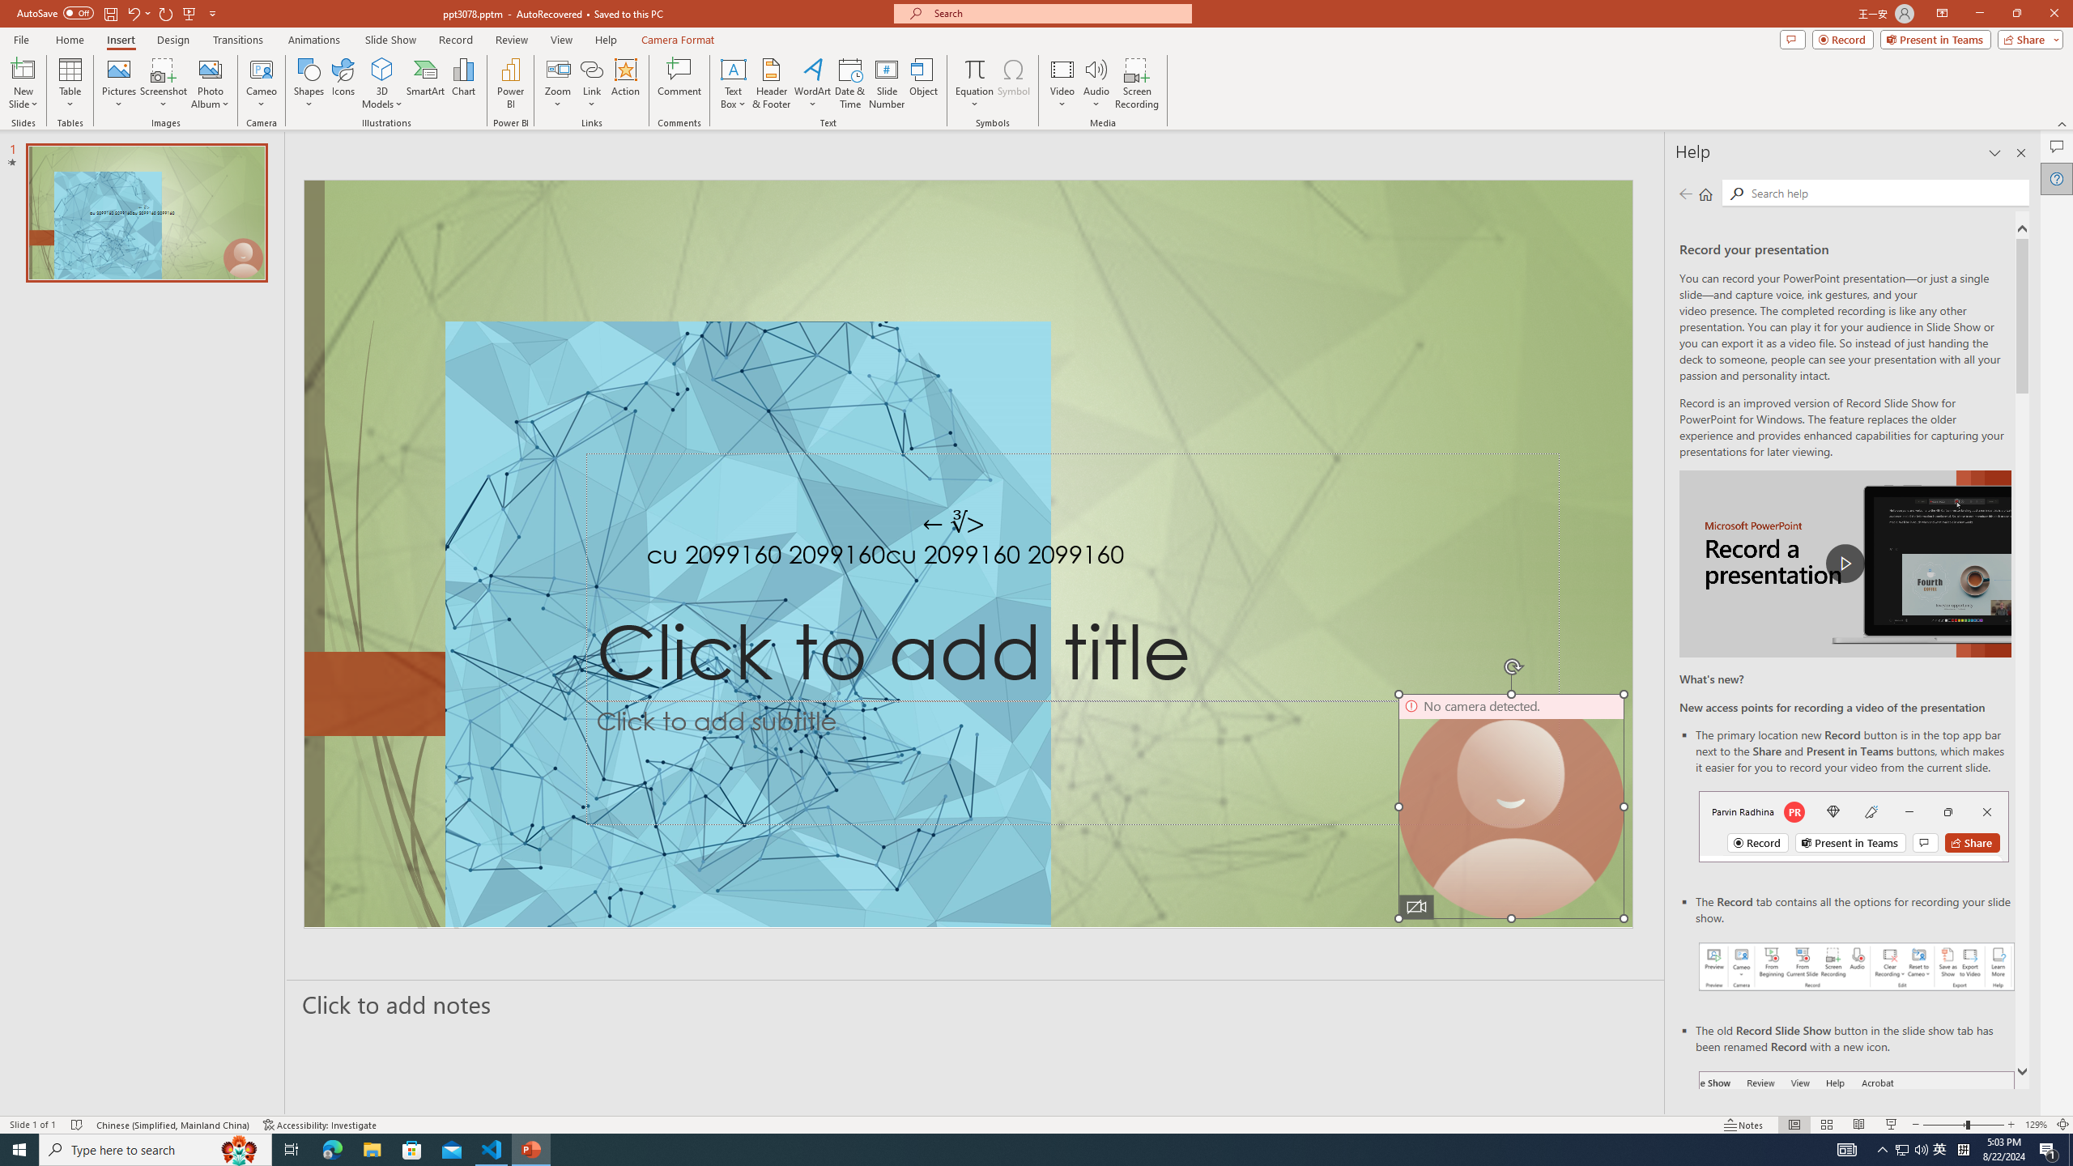  I want to click on 'Link', so click(590, 68).